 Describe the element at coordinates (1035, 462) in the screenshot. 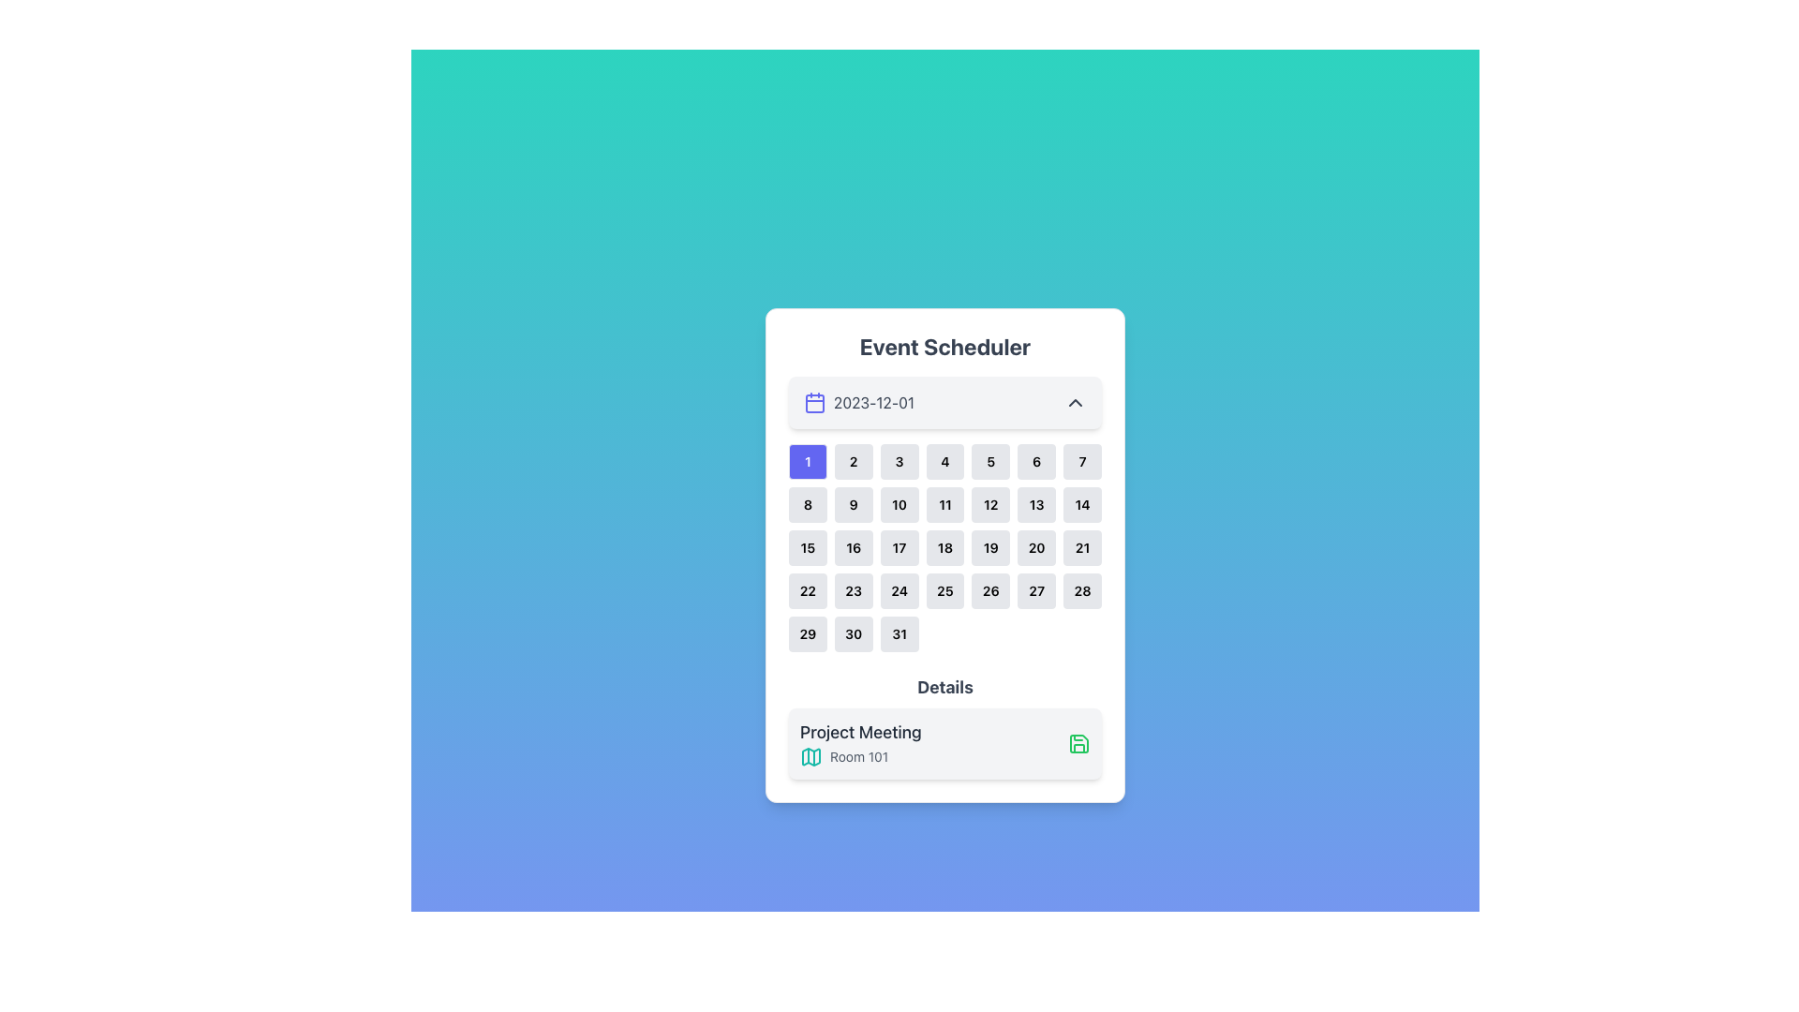

I see `the button representing the date '6' in the calendar interface` at that location.